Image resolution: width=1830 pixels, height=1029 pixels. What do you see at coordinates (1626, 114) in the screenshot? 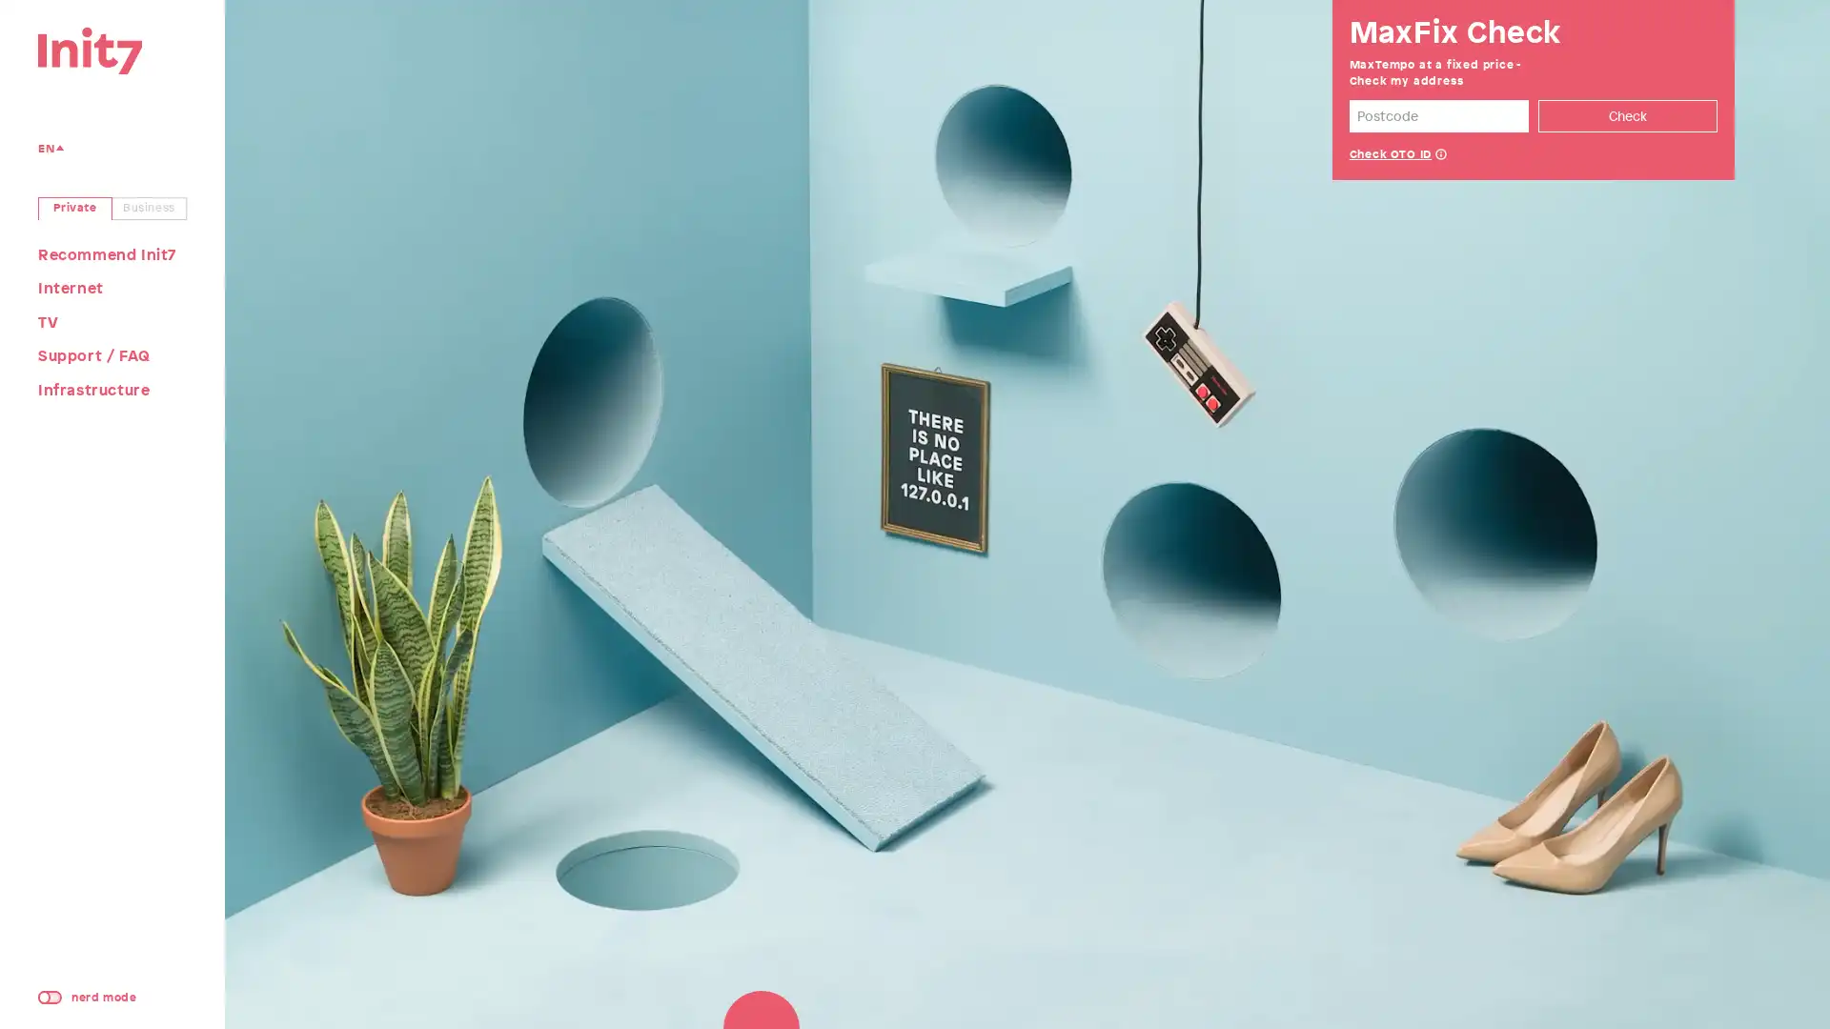
I see `Check` at bounding box center [1626, 114].